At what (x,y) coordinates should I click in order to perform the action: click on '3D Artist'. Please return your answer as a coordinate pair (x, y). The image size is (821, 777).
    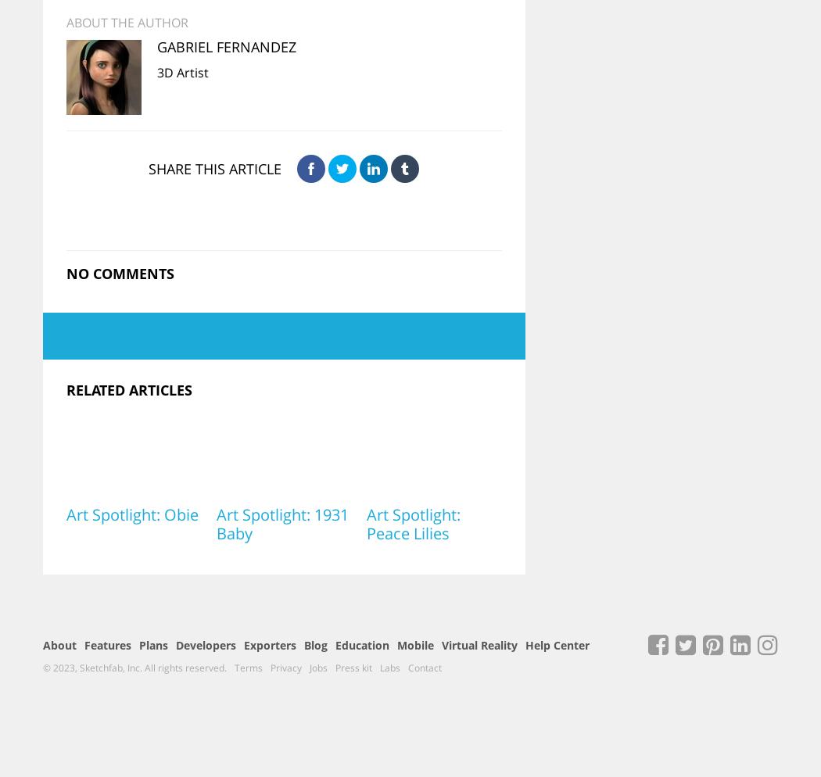
    Looking at the image, I should click on (156, 72).